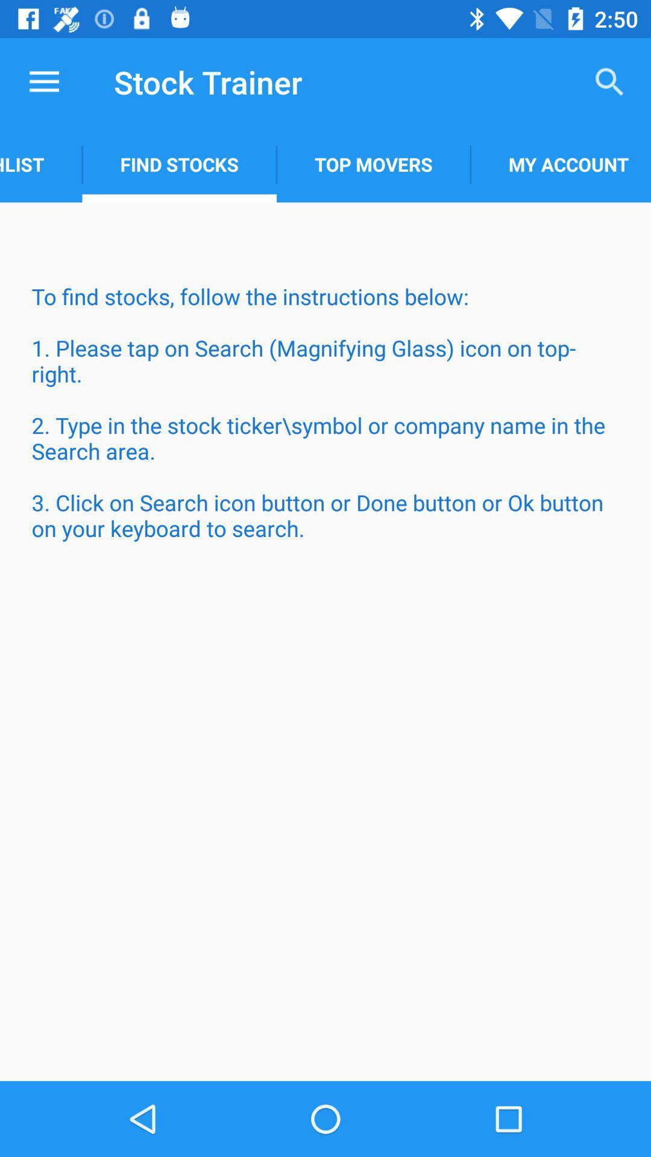  What do you see at coordinates (561, 164) in the screenshot?
I see `the icon above the to find stocks item` at bounding box center [561, 164].